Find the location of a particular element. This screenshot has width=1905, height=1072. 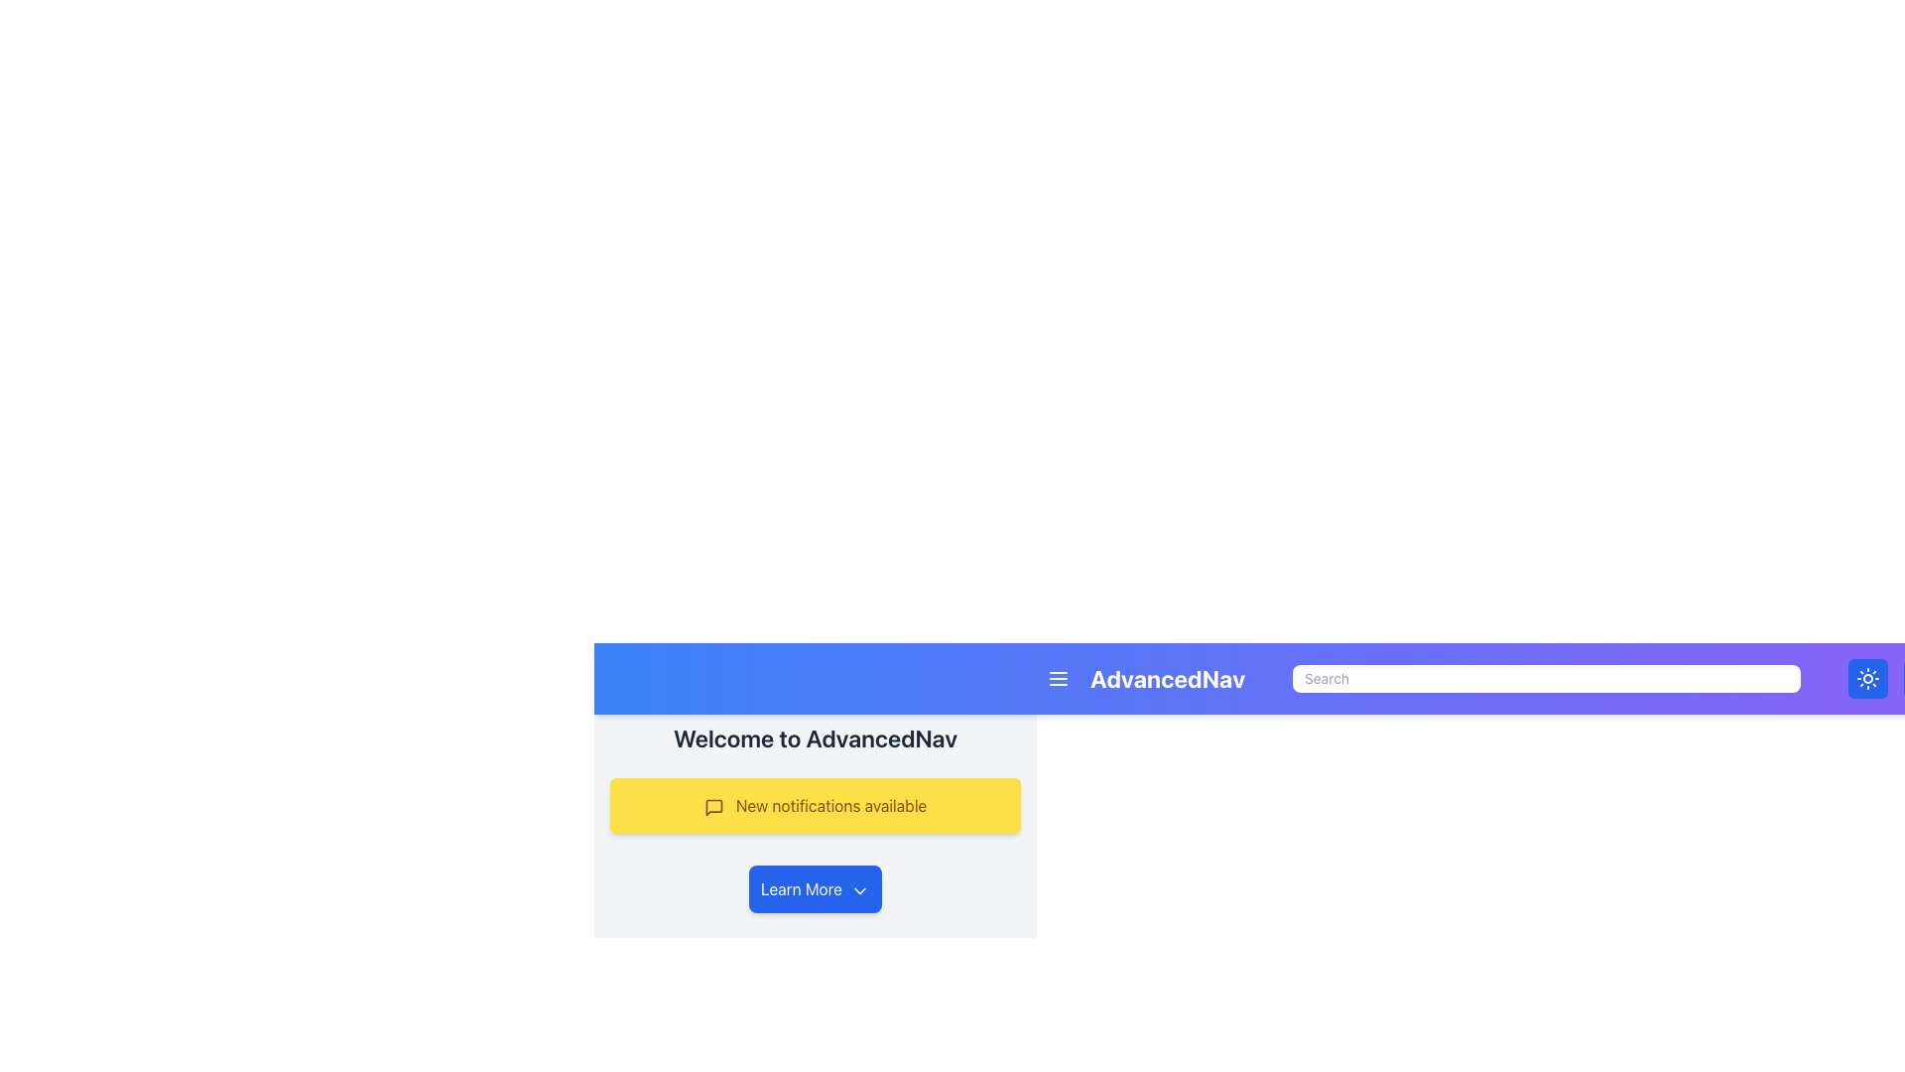

the yellow notification box containing the text 'New notifications available' located beneath the header 'Welcome to AdvancedNav' and above the blue button 'Learn More' is located at coordinates (815, 784).